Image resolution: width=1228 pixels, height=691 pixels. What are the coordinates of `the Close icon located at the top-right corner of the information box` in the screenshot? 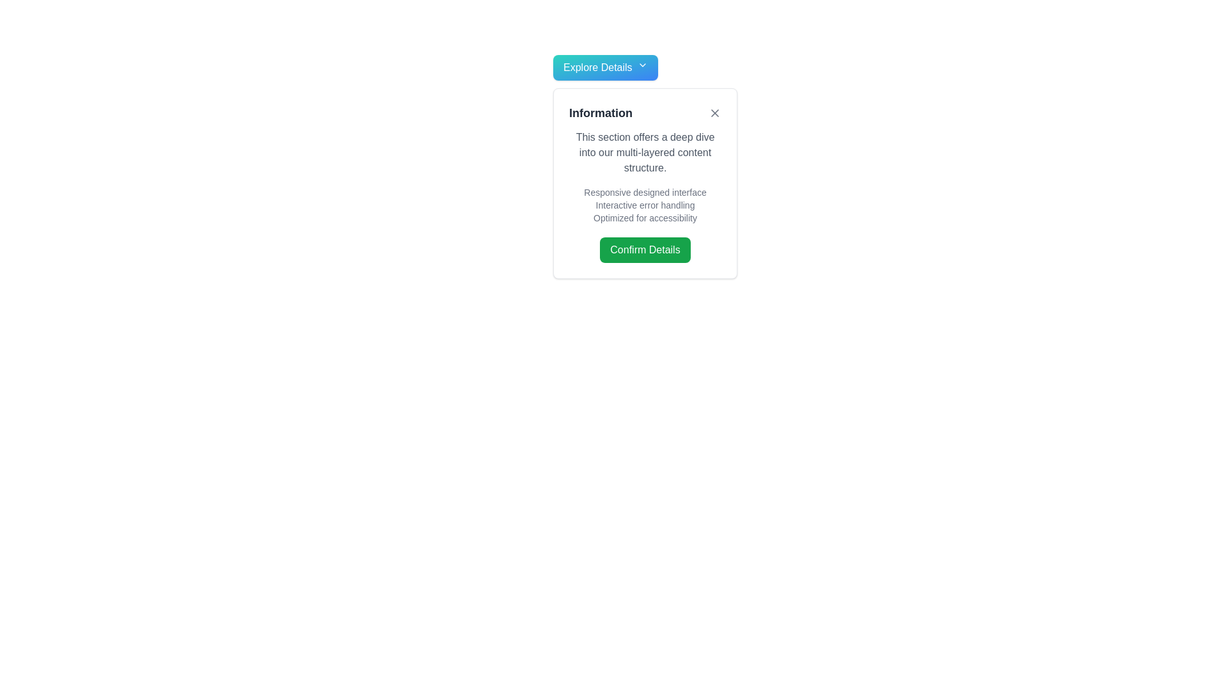 It's located at (714, 113).